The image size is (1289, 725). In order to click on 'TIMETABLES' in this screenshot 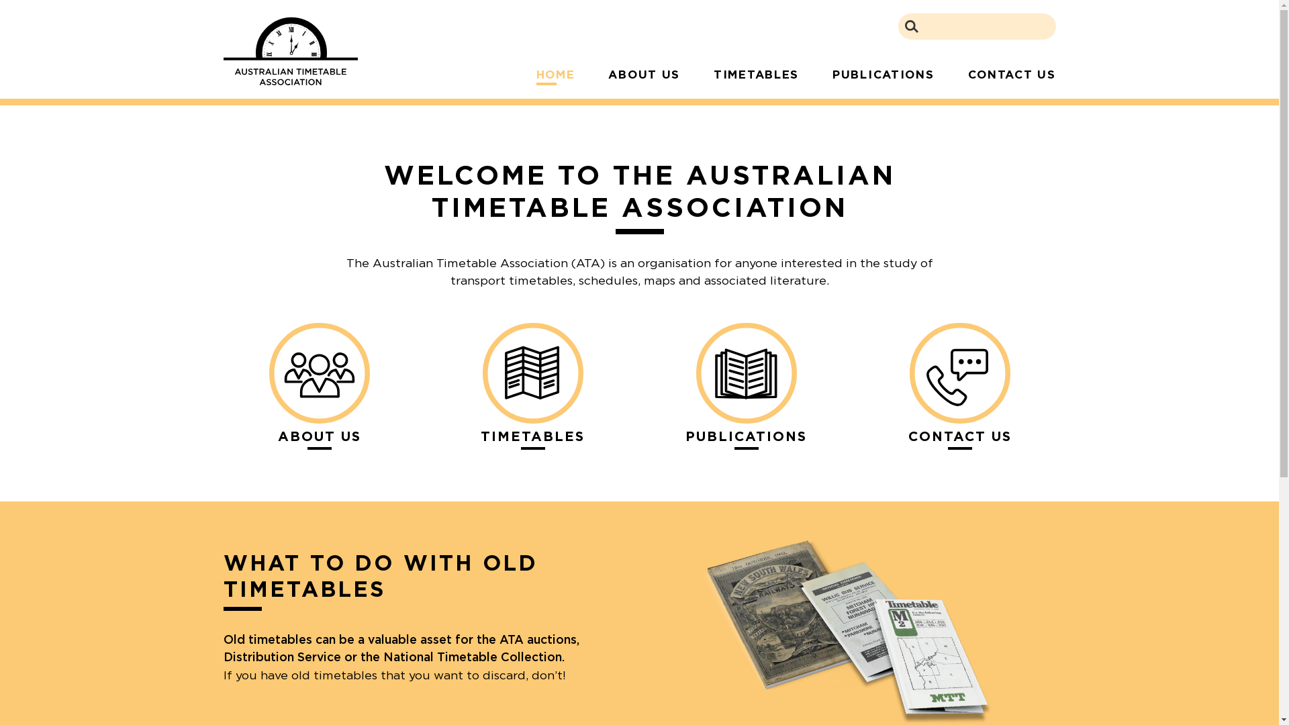, I will do `click(756, 75)`.